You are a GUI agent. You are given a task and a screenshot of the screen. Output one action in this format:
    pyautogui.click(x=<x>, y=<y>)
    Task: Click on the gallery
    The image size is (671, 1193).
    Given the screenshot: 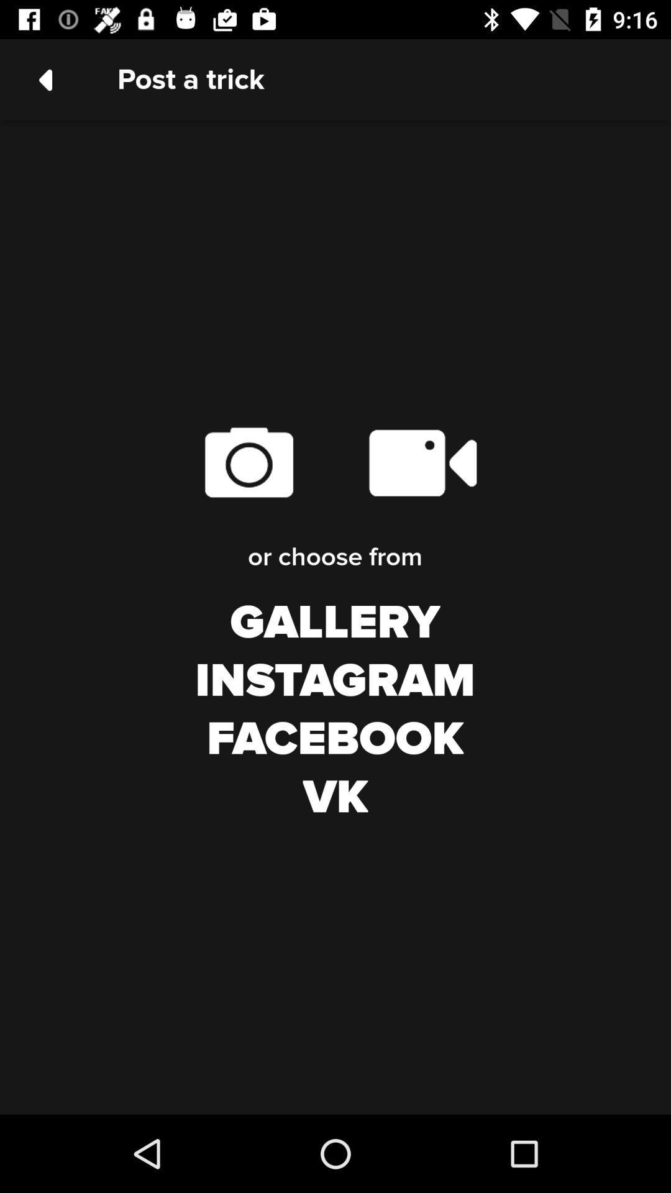 What is the action you would take?
    pyautogui.click(x=334, y=623)
    